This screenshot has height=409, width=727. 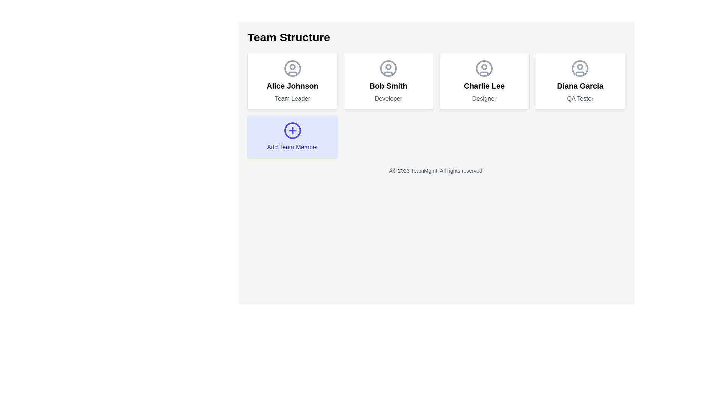 What do you see at coordinates (580, 69) in the screenshot?
I see `the circular profile picture icon with a gray outline located at the top central part of the 'Diana Garcia' card` at bounding box center [580, 69].